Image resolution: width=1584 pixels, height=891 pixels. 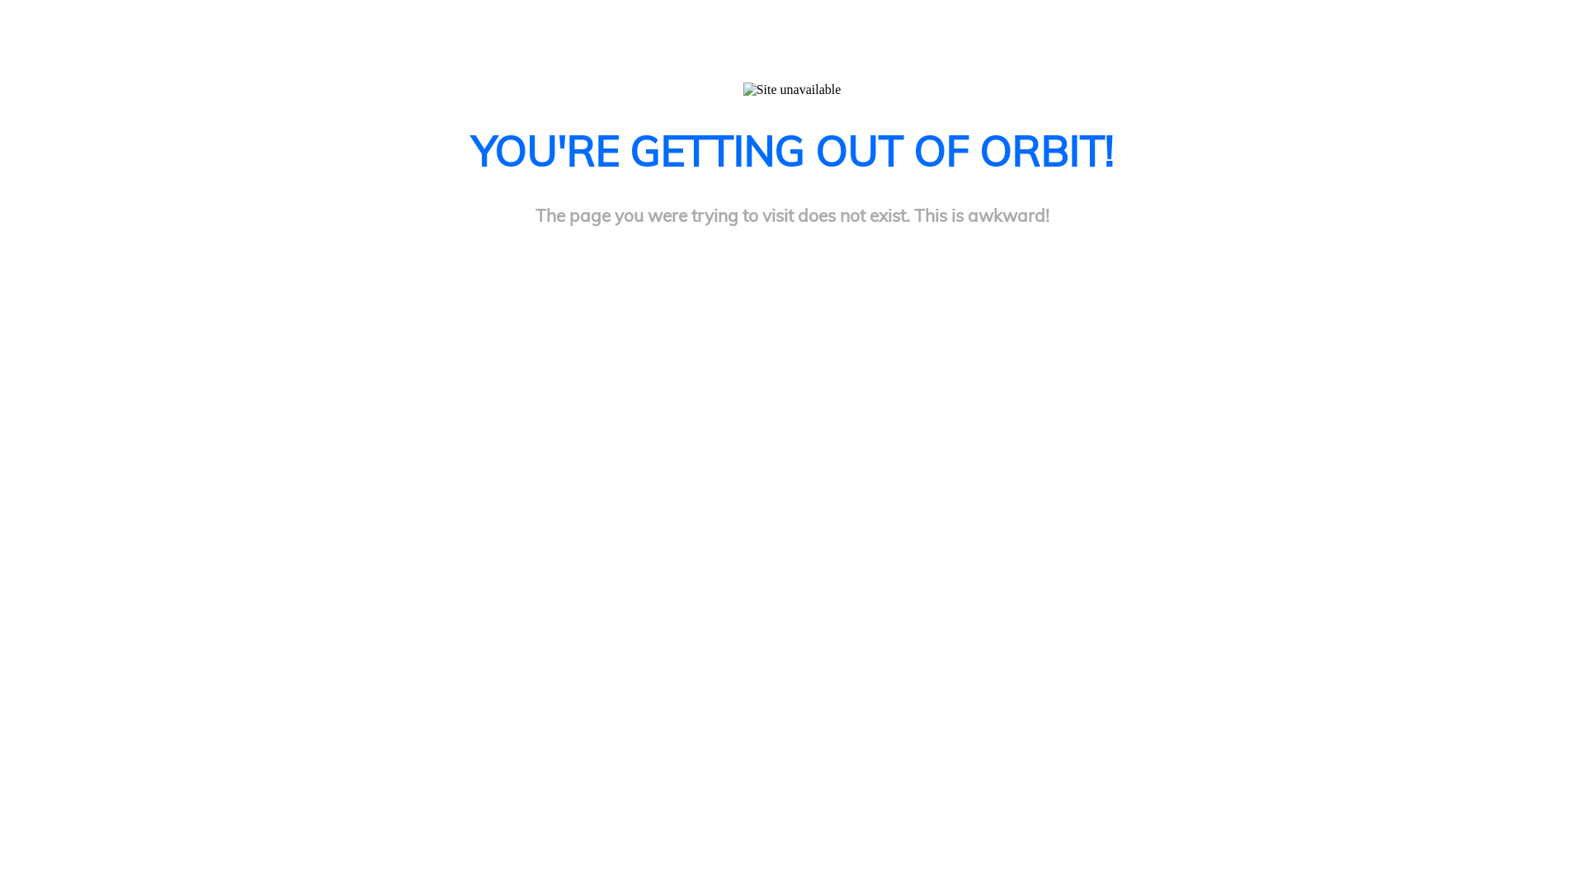 I want to click on 'Site unavailable', so click(x=792, y=89).